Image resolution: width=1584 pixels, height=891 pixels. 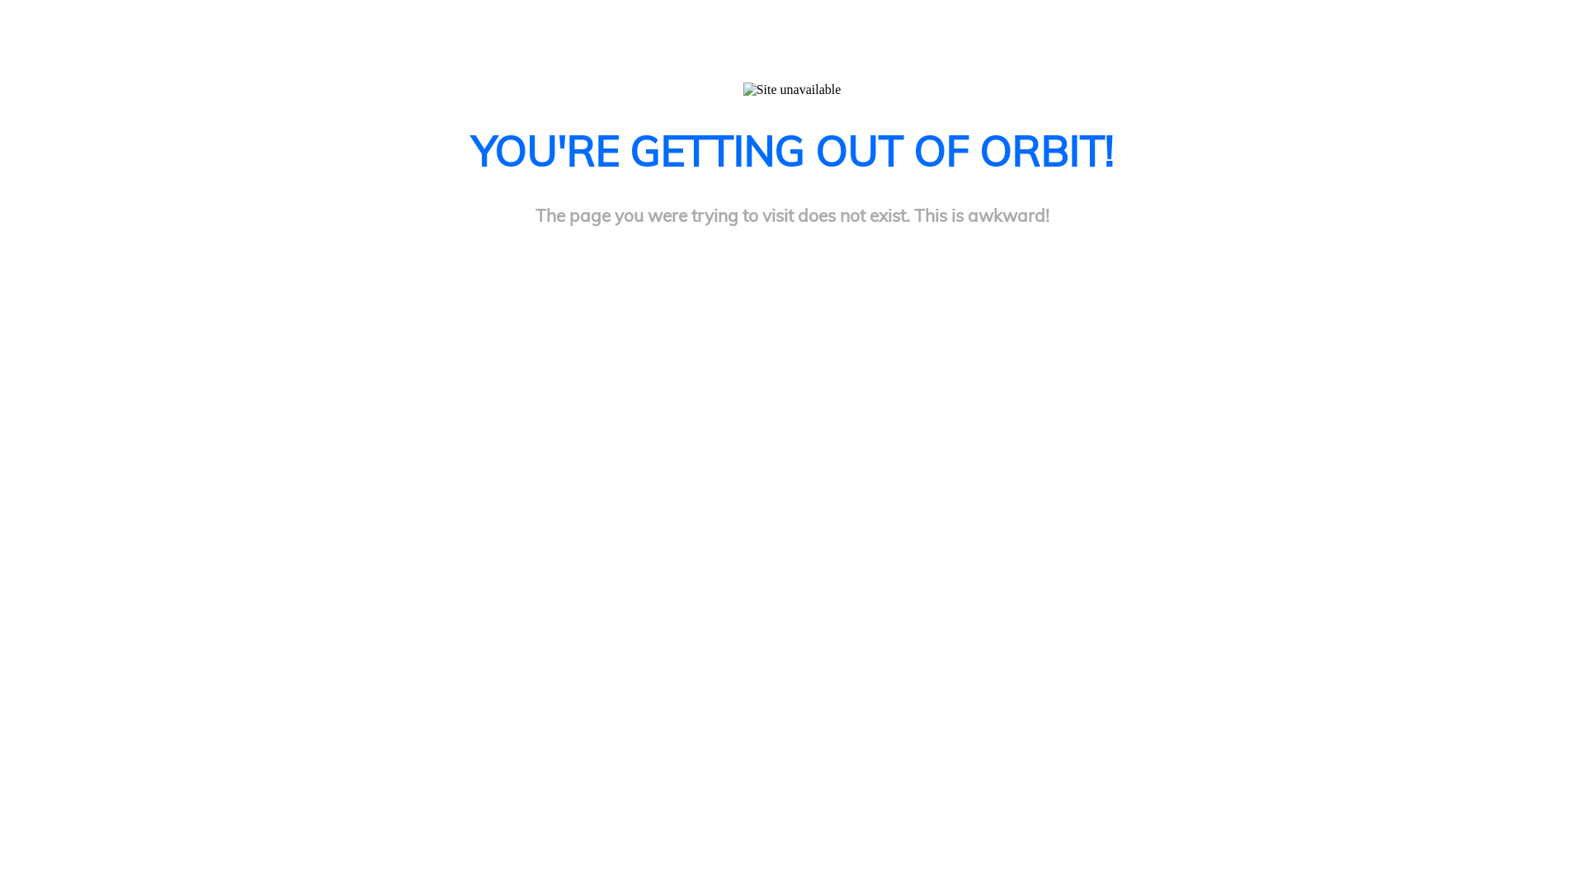 I want to click on 'Site unavailable', so click(x=792, y=89).